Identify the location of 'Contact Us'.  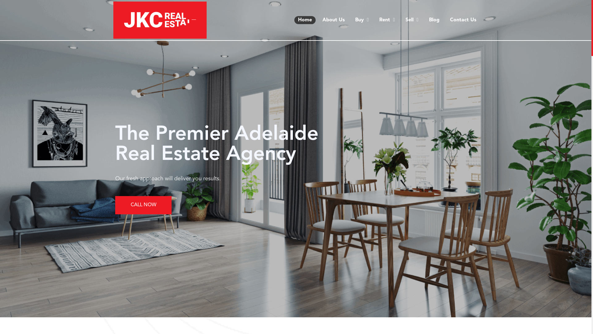
(463, 20).